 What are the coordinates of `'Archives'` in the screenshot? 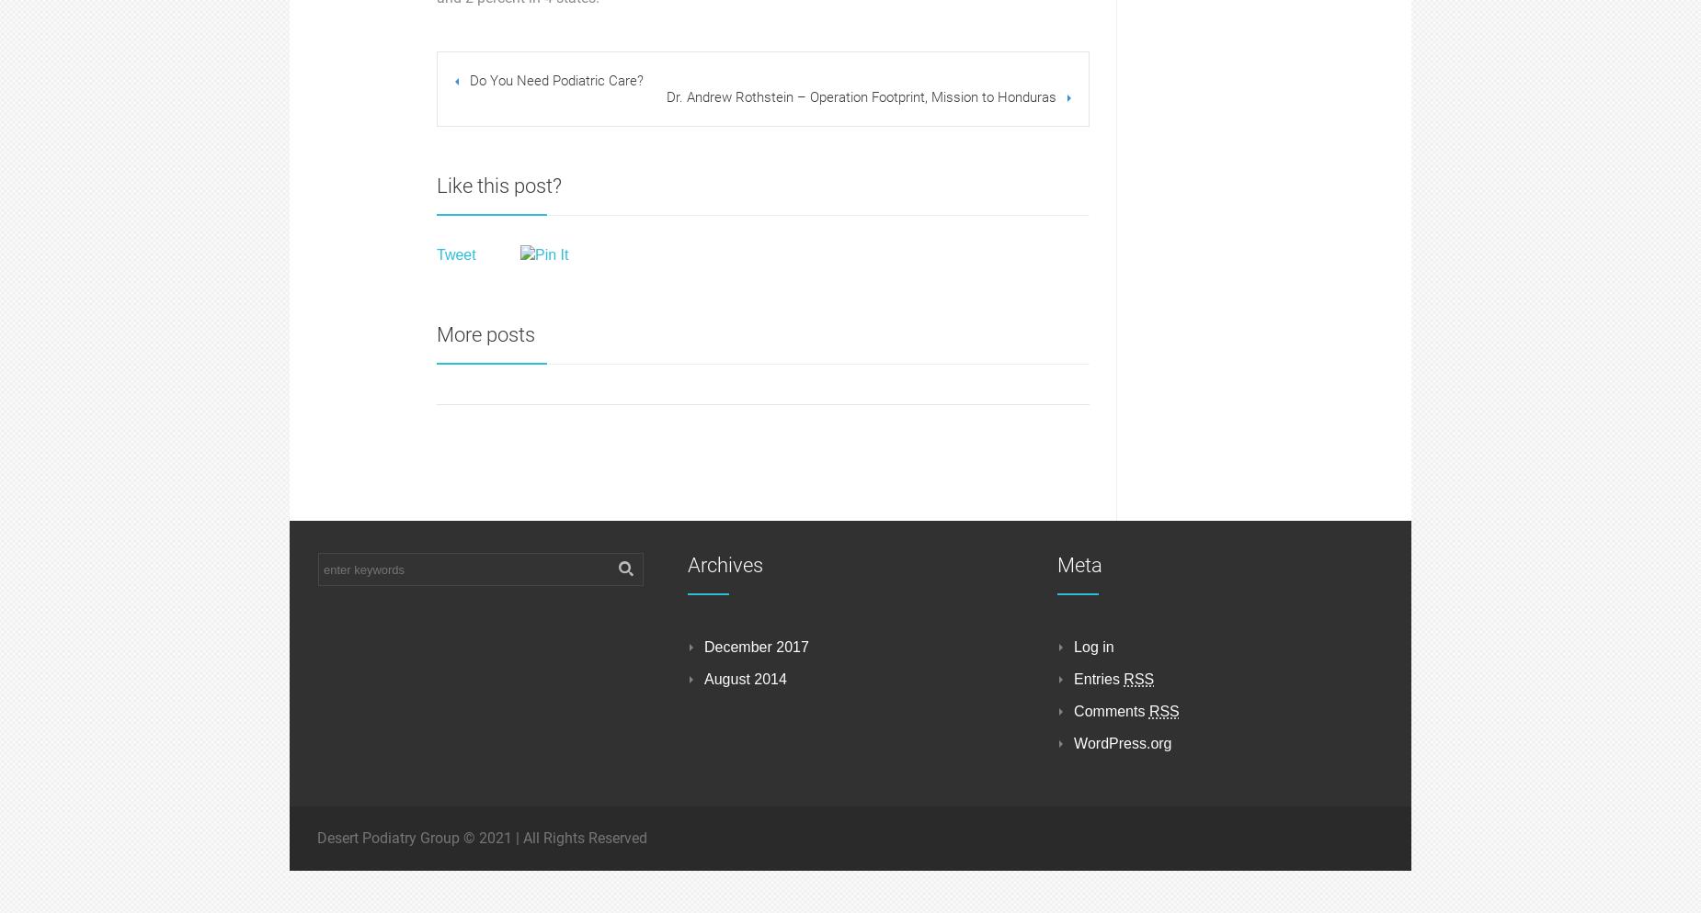 It's located at (725, 564).